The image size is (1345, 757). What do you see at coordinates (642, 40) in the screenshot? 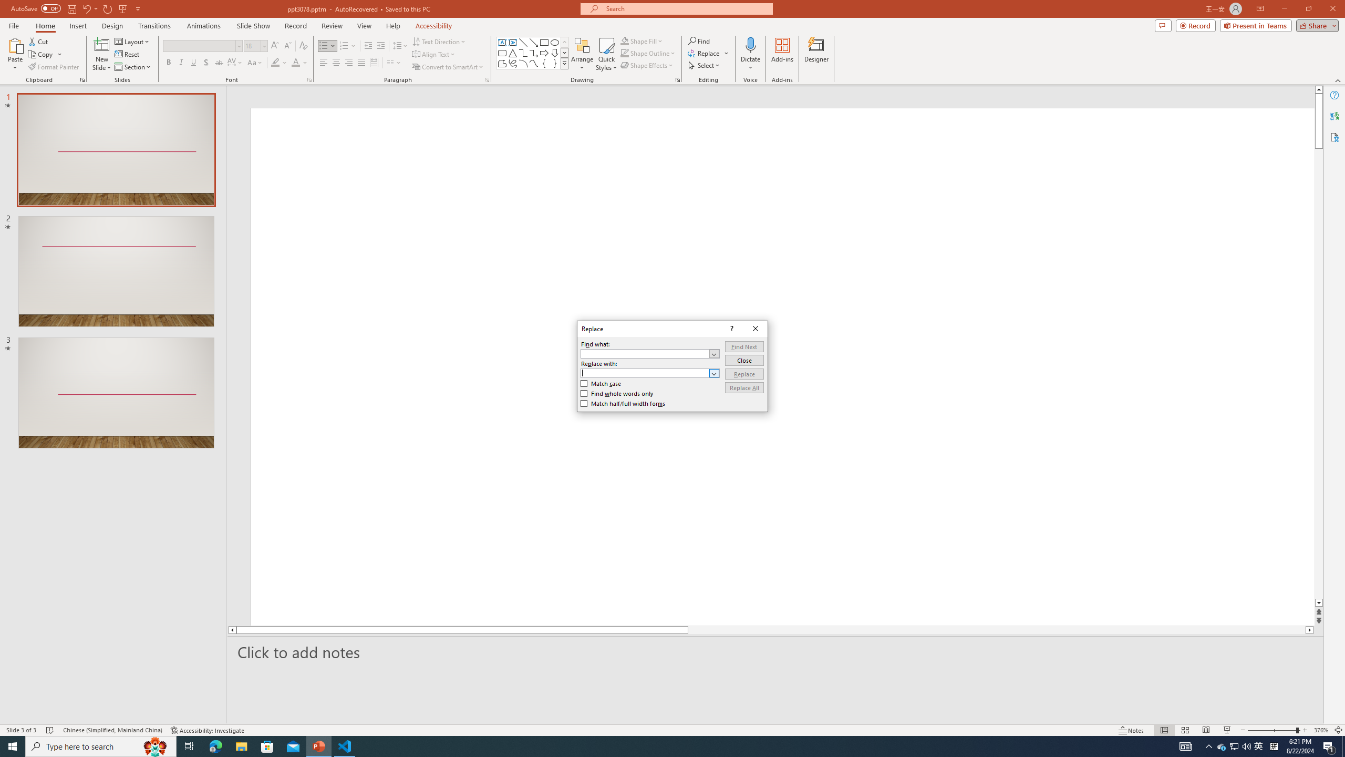
I see `'Shape Fill'` at bounding box center [642, 40].